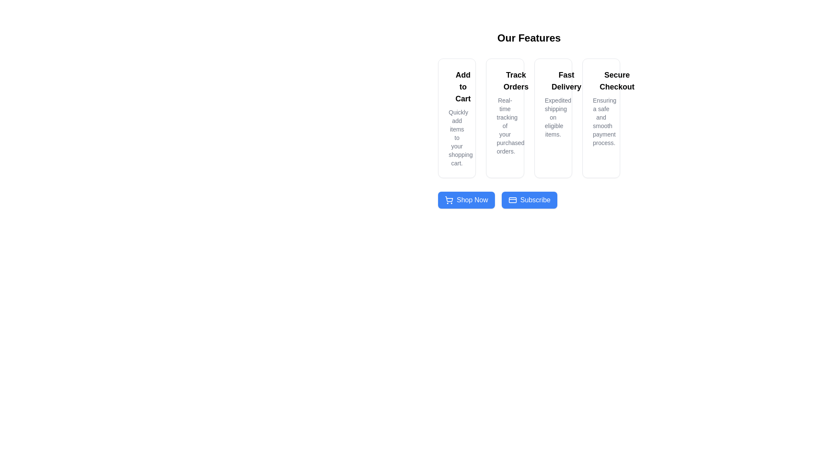 This screenshot has height=458, width=815. Describe the element at coordinates (472, 200) in the screenshot. I see `the text label within the button below the 'Our Features' section` at that location.